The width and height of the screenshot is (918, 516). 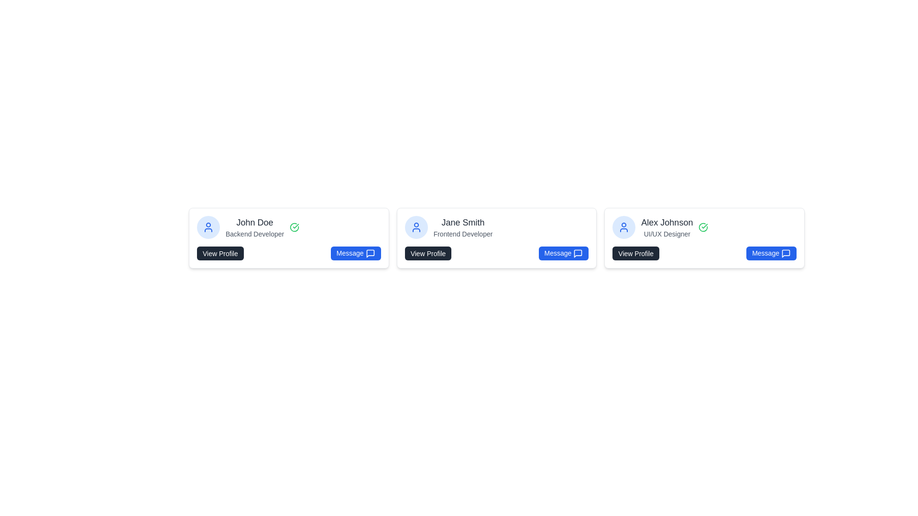 I want to click on information displayed in the text label 'Frontend Developer' which is styled in gray and located below the 'Jane Smith' label, so click(x=463, y=234).